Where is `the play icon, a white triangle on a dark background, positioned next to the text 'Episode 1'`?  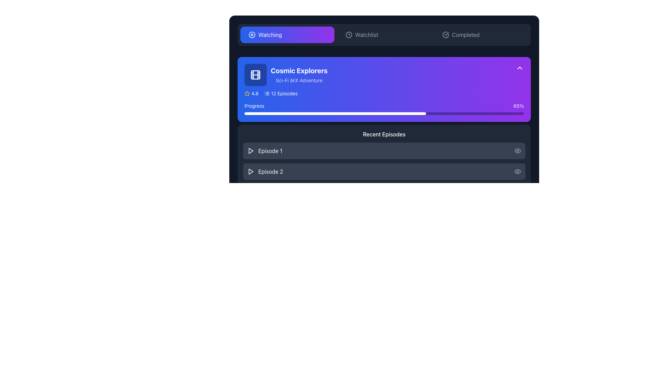 the play icon, a white triangle on a dark background, positioned next to the text 'Episode 1' is located at coordinates (250, 150).